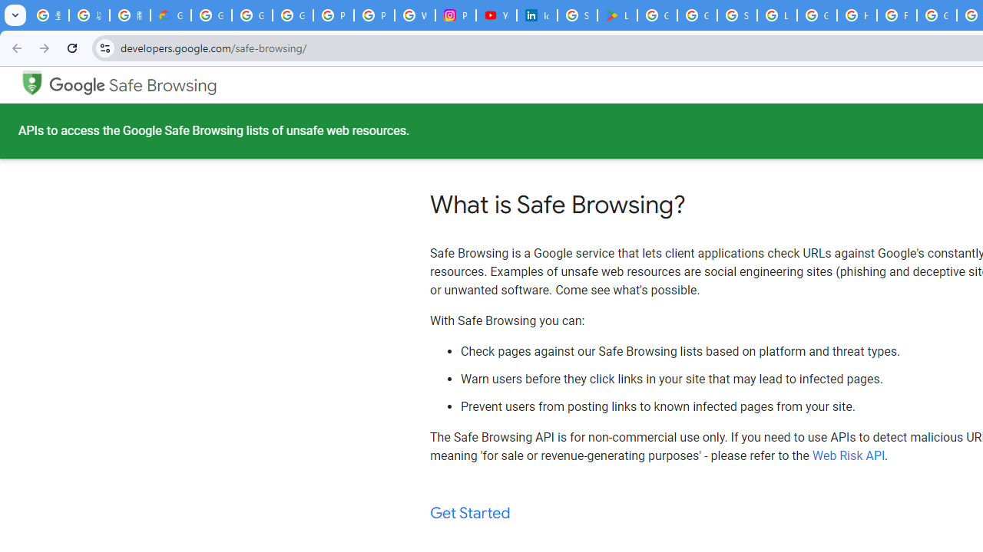 The height and width of the screenshot is (552, 983). What do you see at coordinates (133, 85) in the screenshot?
I see `'Google Safe Browsing'` at bounding box center [133, 85].